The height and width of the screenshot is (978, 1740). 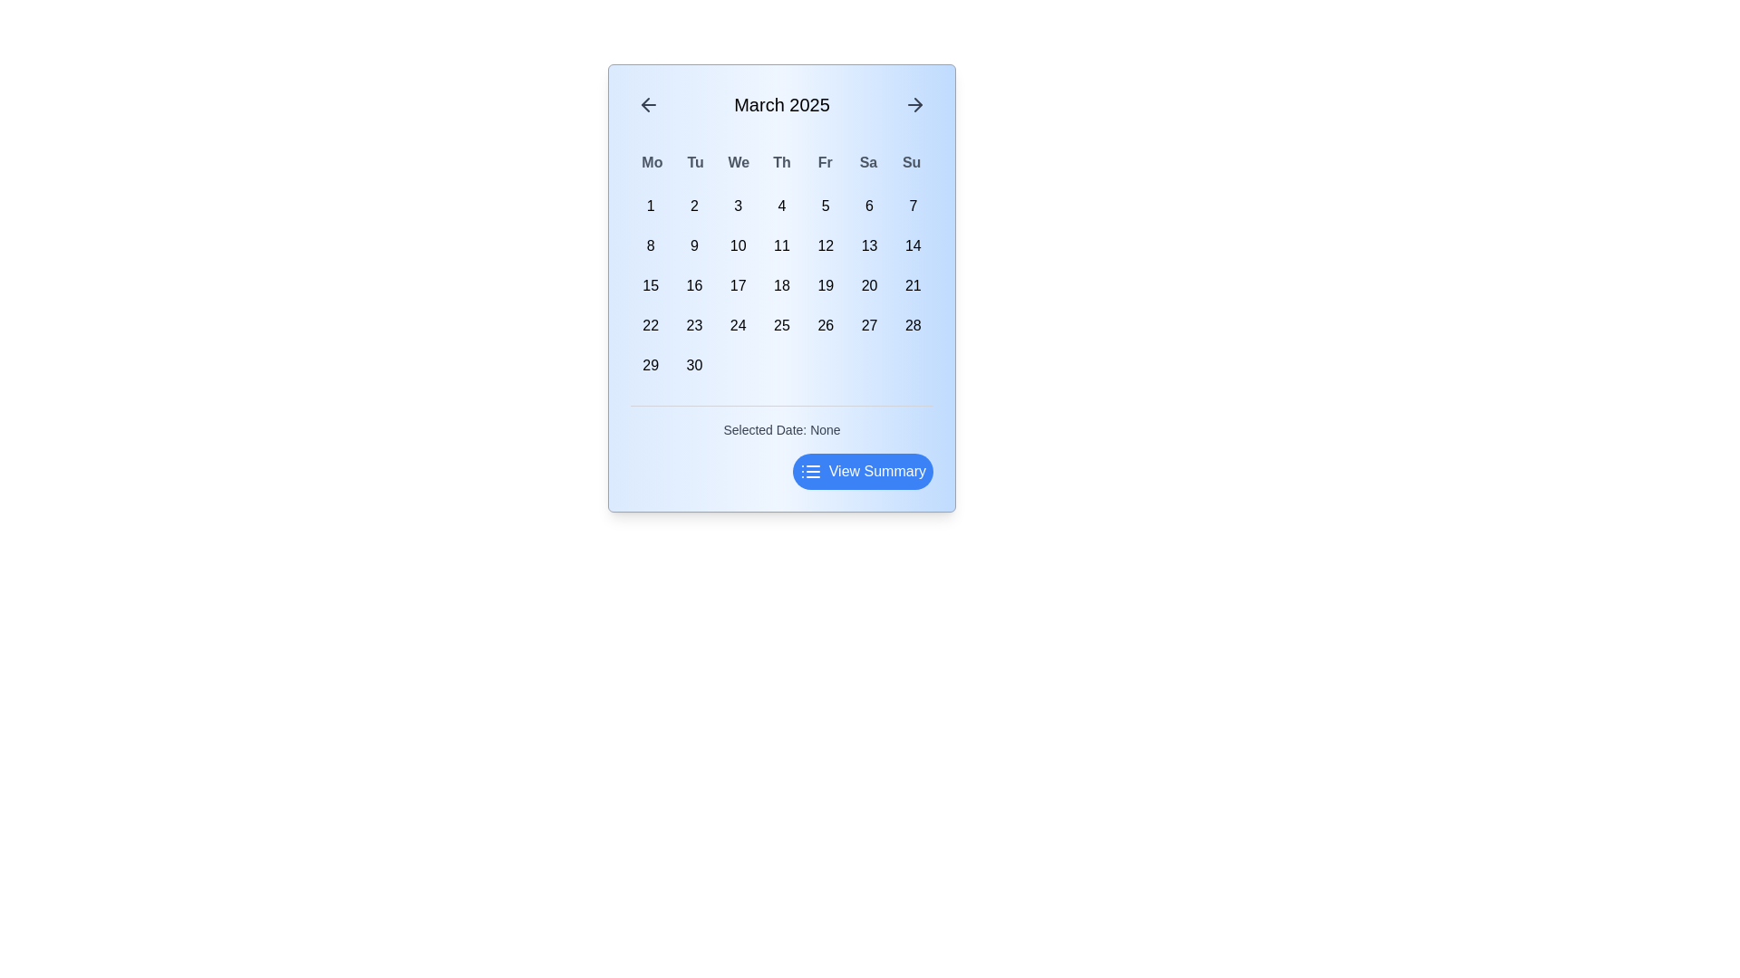 I want to click on on the digit '8' in the calendar grid, which is styled with a rounded border and a light blue background, so click(x=651, y=246).